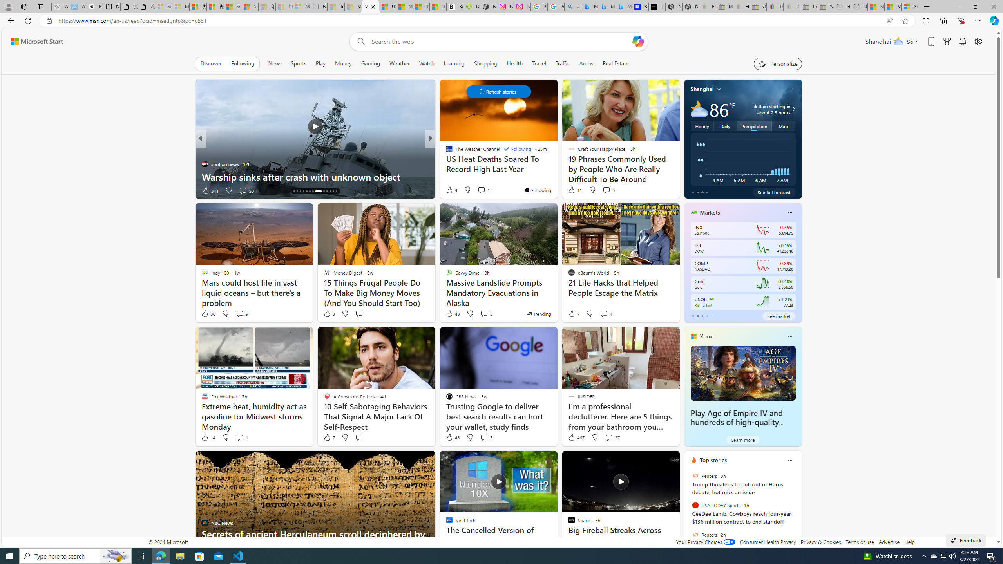  I want to click on 'AutomationID: tab-18', so click(306, 191).